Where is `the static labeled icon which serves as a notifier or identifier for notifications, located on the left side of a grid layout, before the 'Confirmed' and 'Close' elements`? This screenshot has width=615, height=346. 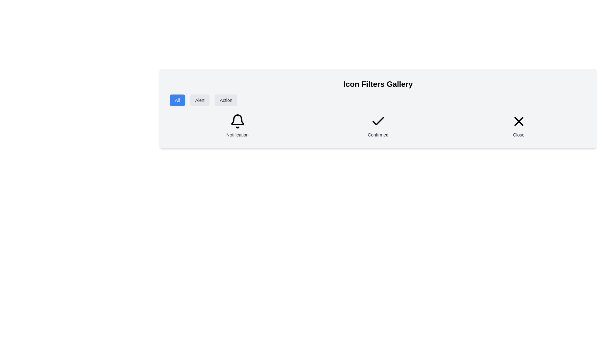 the static labeled icon which serves as a notifier or identifier for notifications, located on the left side of a grid layout, before the 'Confirmed' and 'Close' elements is located at coordinates (237, 126).